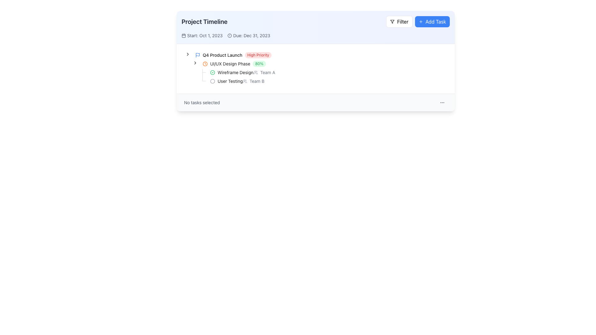 This screenshot has height=335, width=596. I want to click on the button located in the upper-right corner of the interface, immediately to the right of the 'Filter' button, so click(432, 21).